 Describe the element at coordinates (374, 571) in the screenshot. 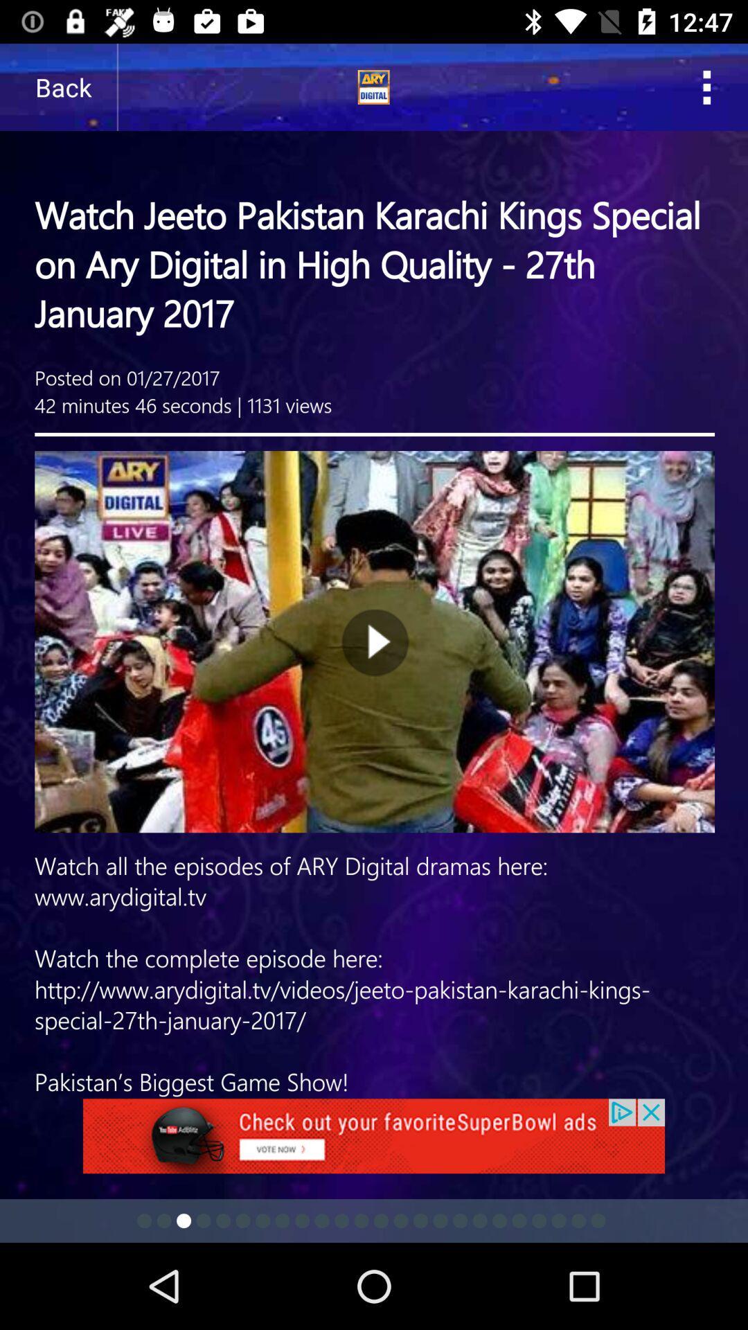

I see `advertisement page` at that location.